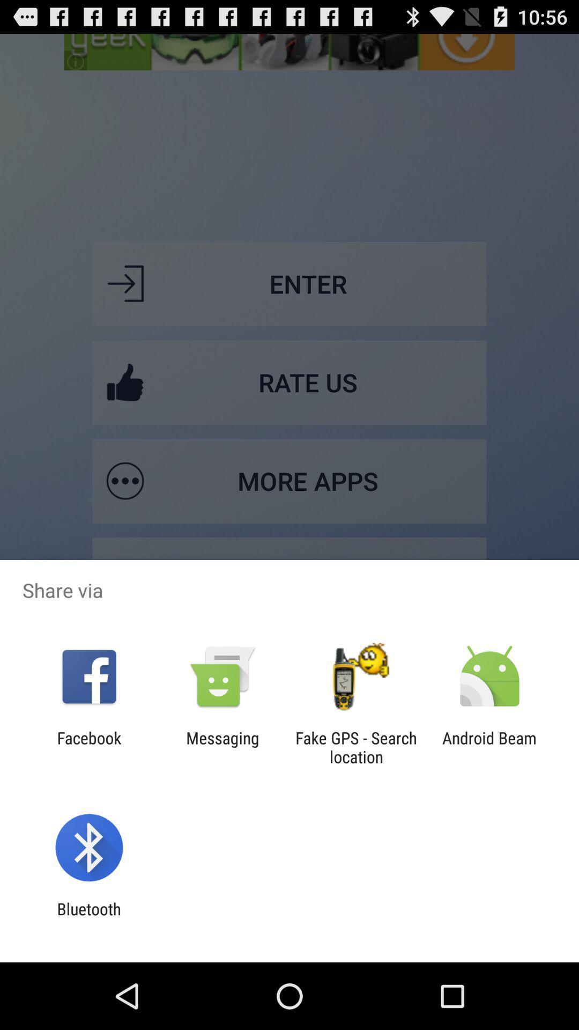  What do you see at coordinates (88, 918) in the screenshot?
I see `the bluetooth` at bounding box center [88, 918].